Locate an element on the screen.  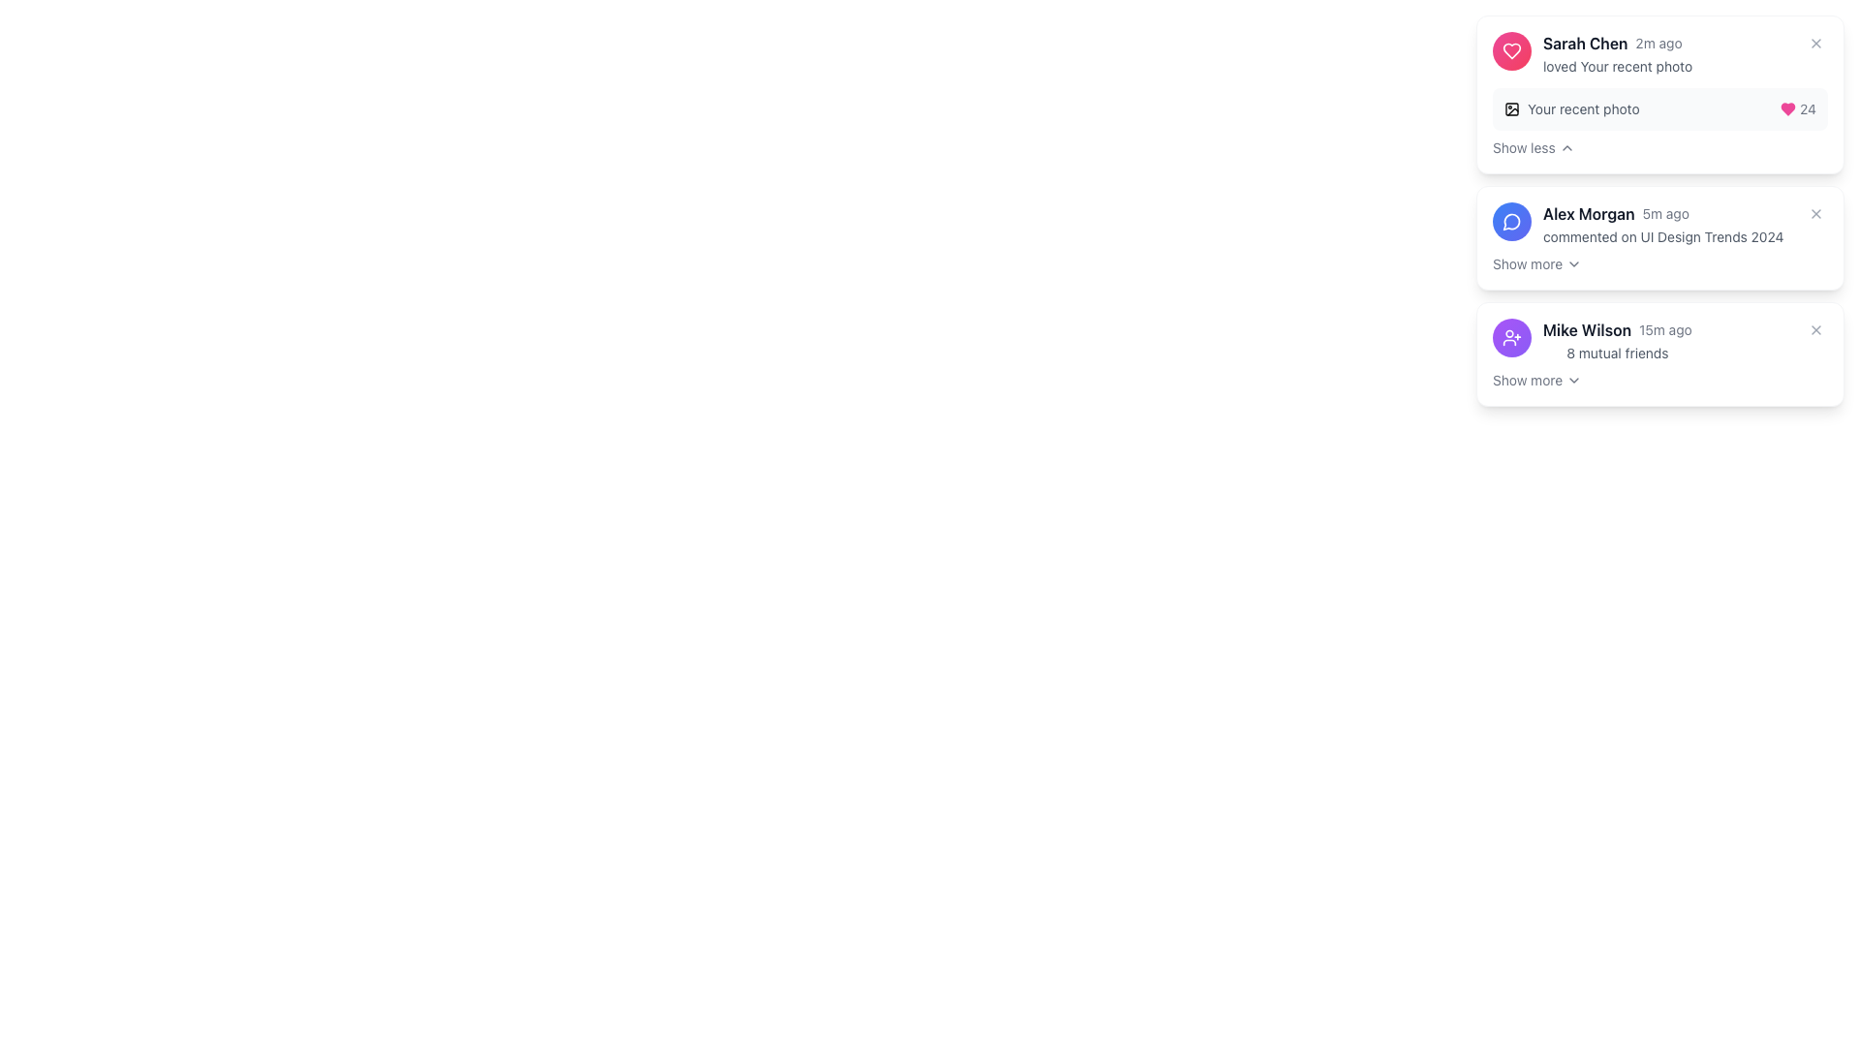
the likes icon located in the notification card for 'Sarah Chen', which visually indicates the number of likes received for the recent photo is located at coordinates (1510, 50).